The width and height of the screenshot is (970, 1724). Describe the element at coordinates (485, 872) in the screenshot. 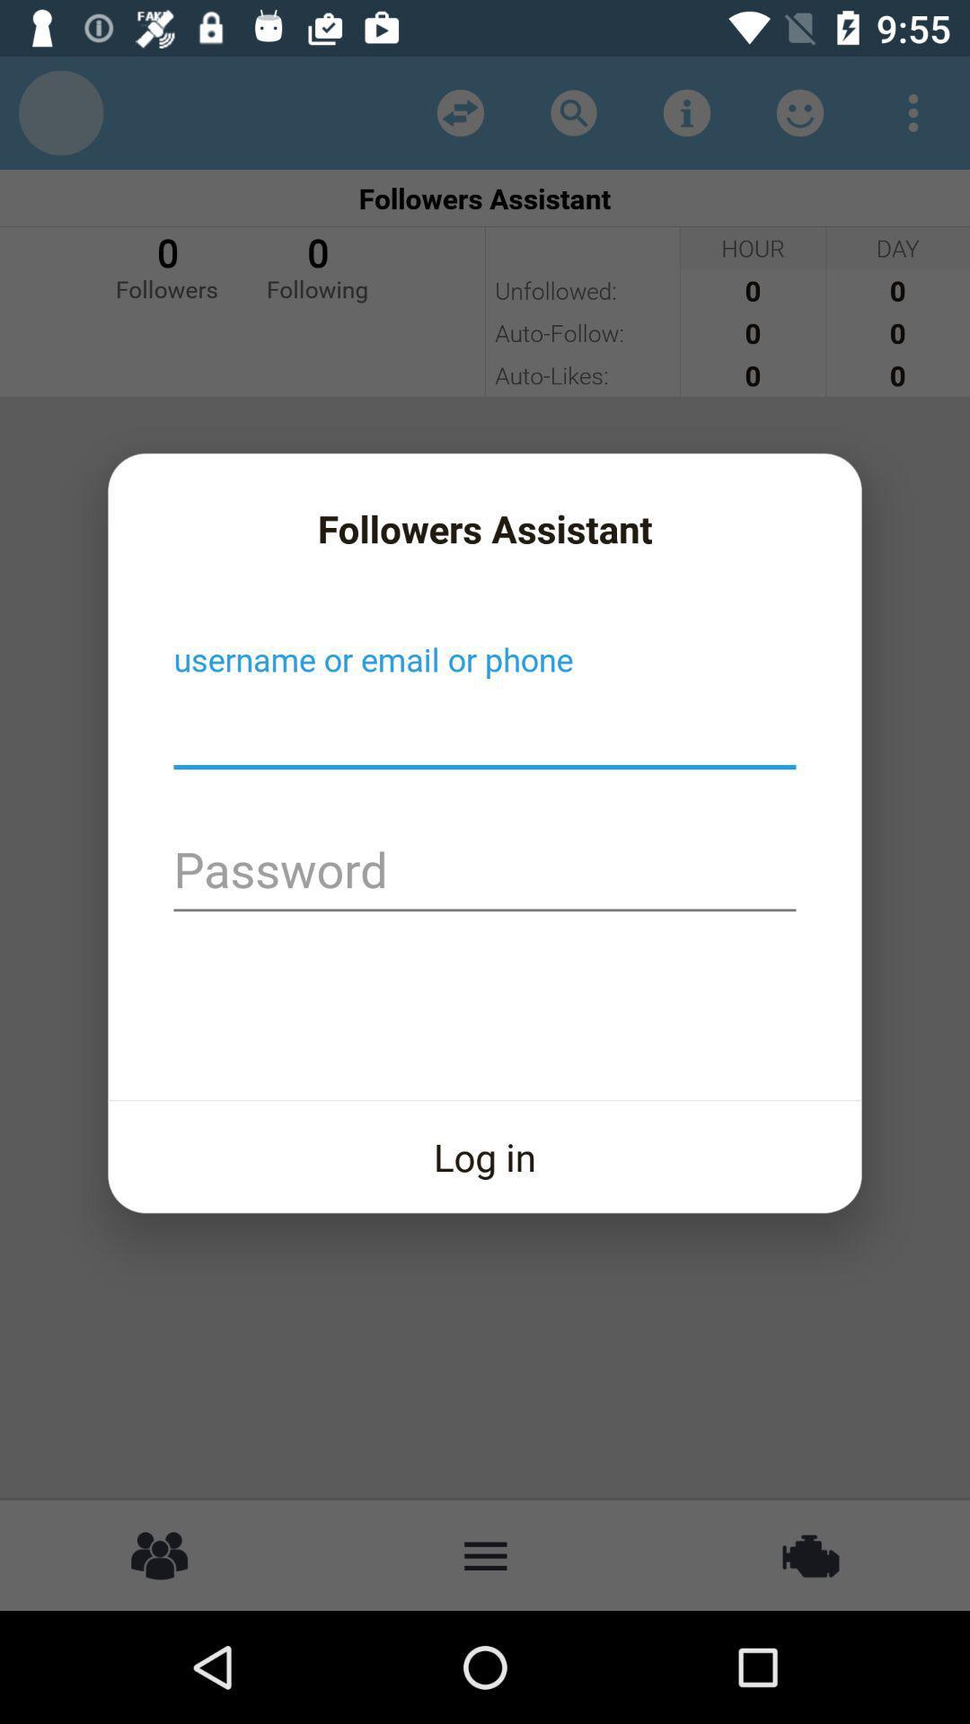

I see `password here` at that location.